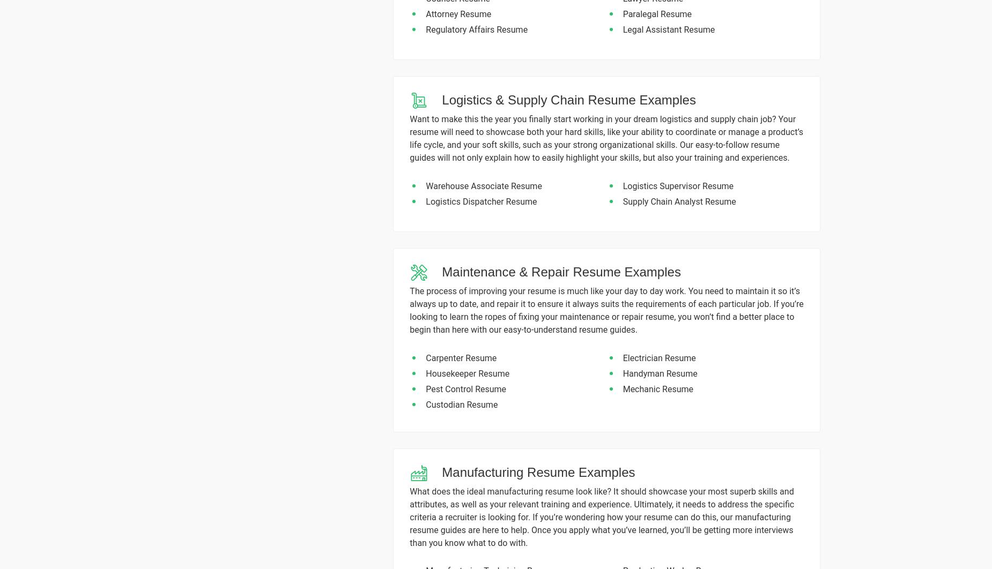 The height and width of the screenshot is (569, 992). I want to click on 'What does the ideal manufacturing resume look like? It should showcase your most superb skills and attributes, as well as your relevant training and experience. Ultimately, it needs to address the specific criteria a recruiter is looking for. If you’re wondering how your resume can do this, our manufacturing resume guides are here to help. Once you apply what you’ve learned, you’ll be getting more interviews than you know what to do with.', so click(601, 516).